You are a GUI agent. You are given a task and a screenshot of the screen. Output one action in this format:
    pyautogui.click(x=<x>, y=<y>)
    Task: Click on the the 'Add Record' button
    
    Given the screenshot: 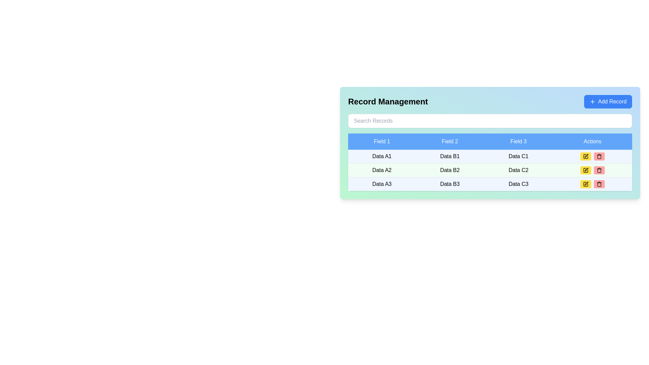 What is the action you would take?
    pyautogui.click(x=608, y=101)
    